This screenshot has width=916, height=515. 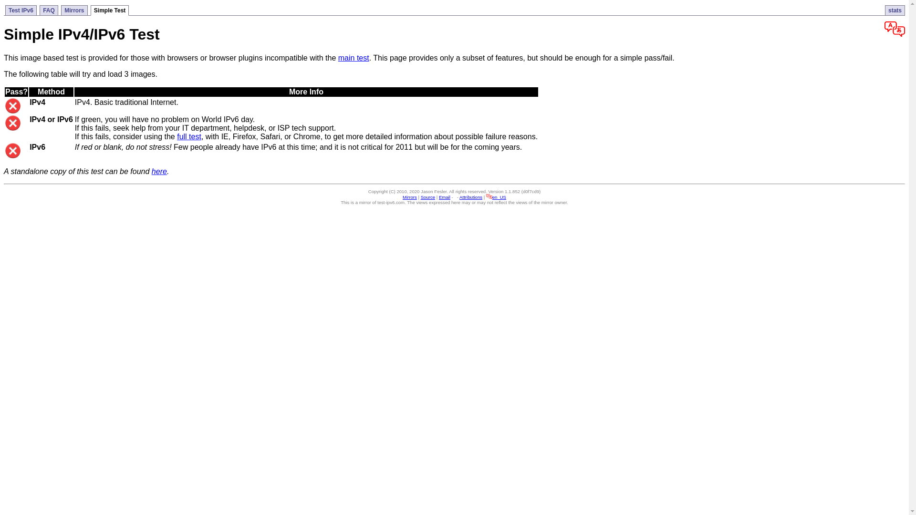 What do you see at coordinates (73, 10) in the screenshot?
I see `'Mirrors'` at bounding box center [73, 10].